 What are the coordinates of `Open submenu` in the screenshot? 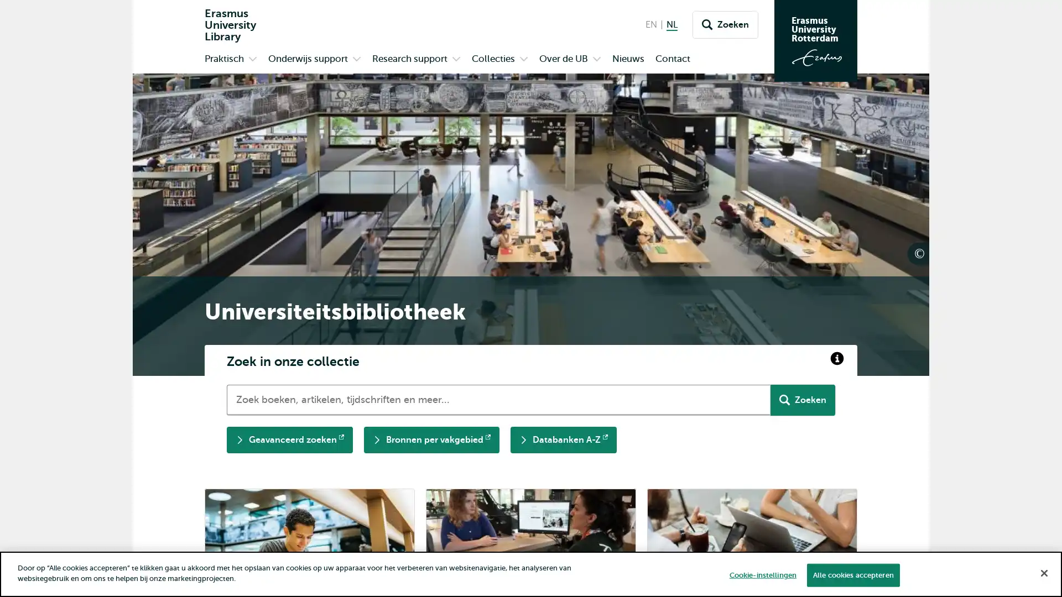 It's located at (523, 60).